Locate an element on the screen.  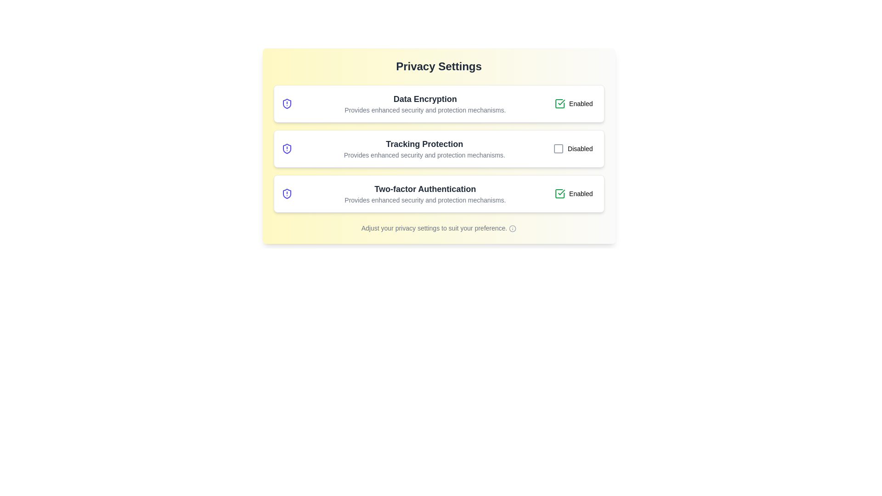
the shield-shaped icon with an alert symbol in the 'Privacy Settings' section, which is the leading icon of the 'Tracking Protection' list item is located at coordinates (286, 148).